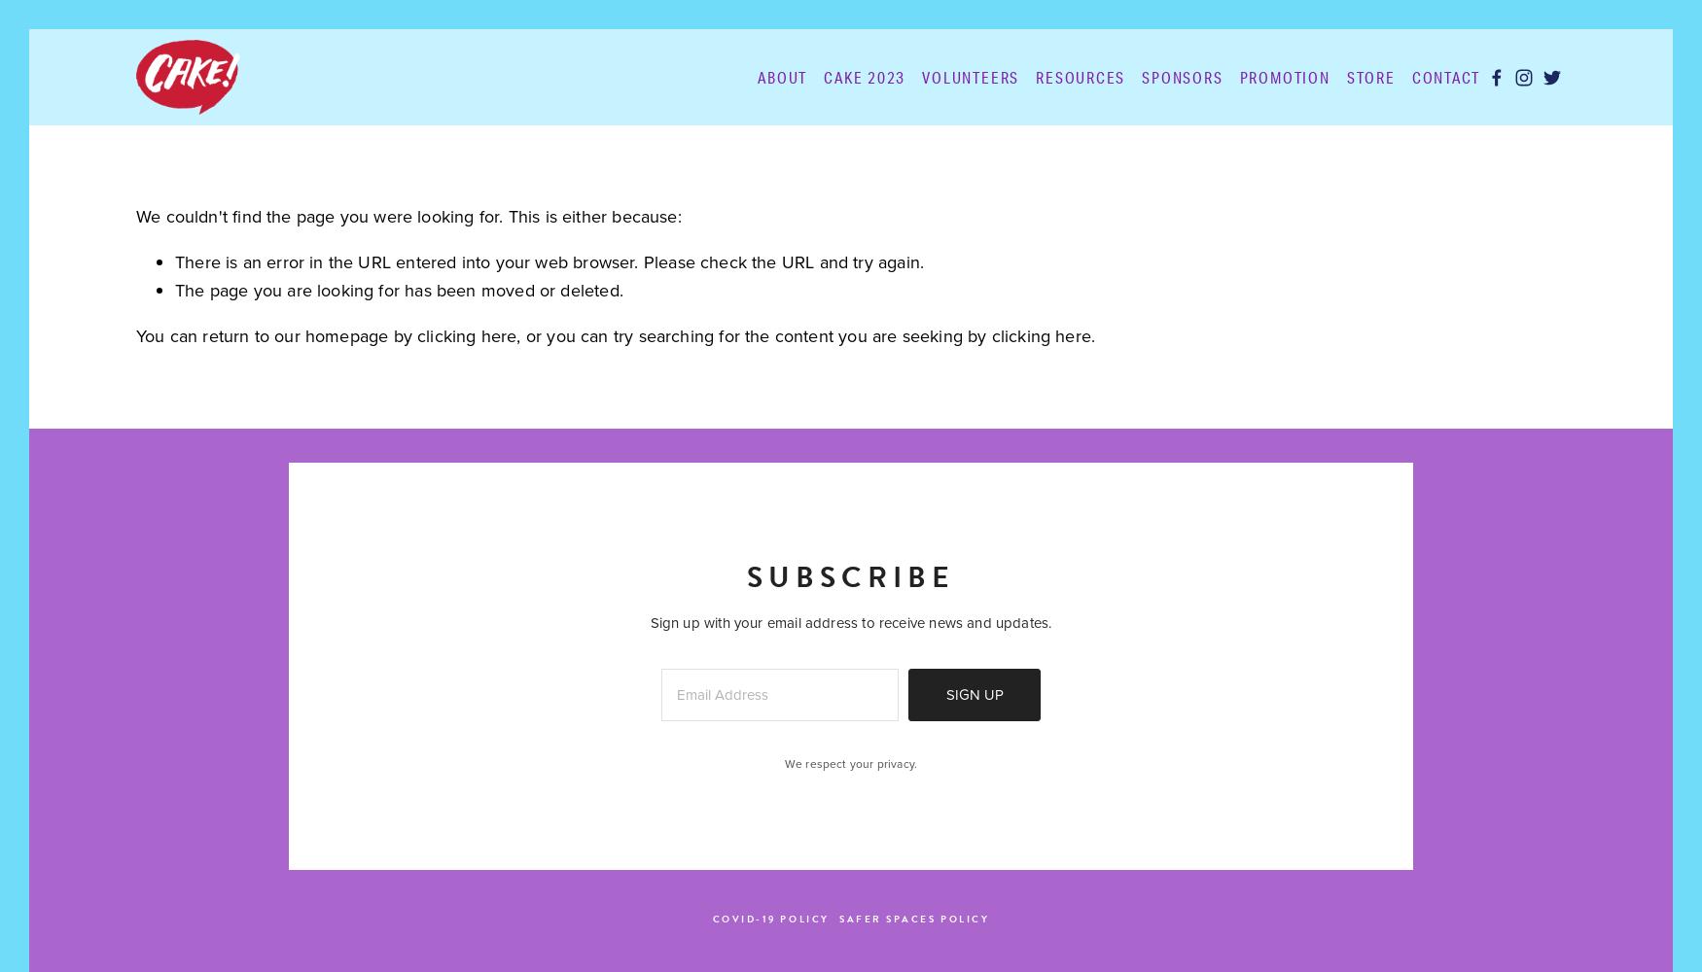  I want to click on 'Contact', so click(1445, 75).